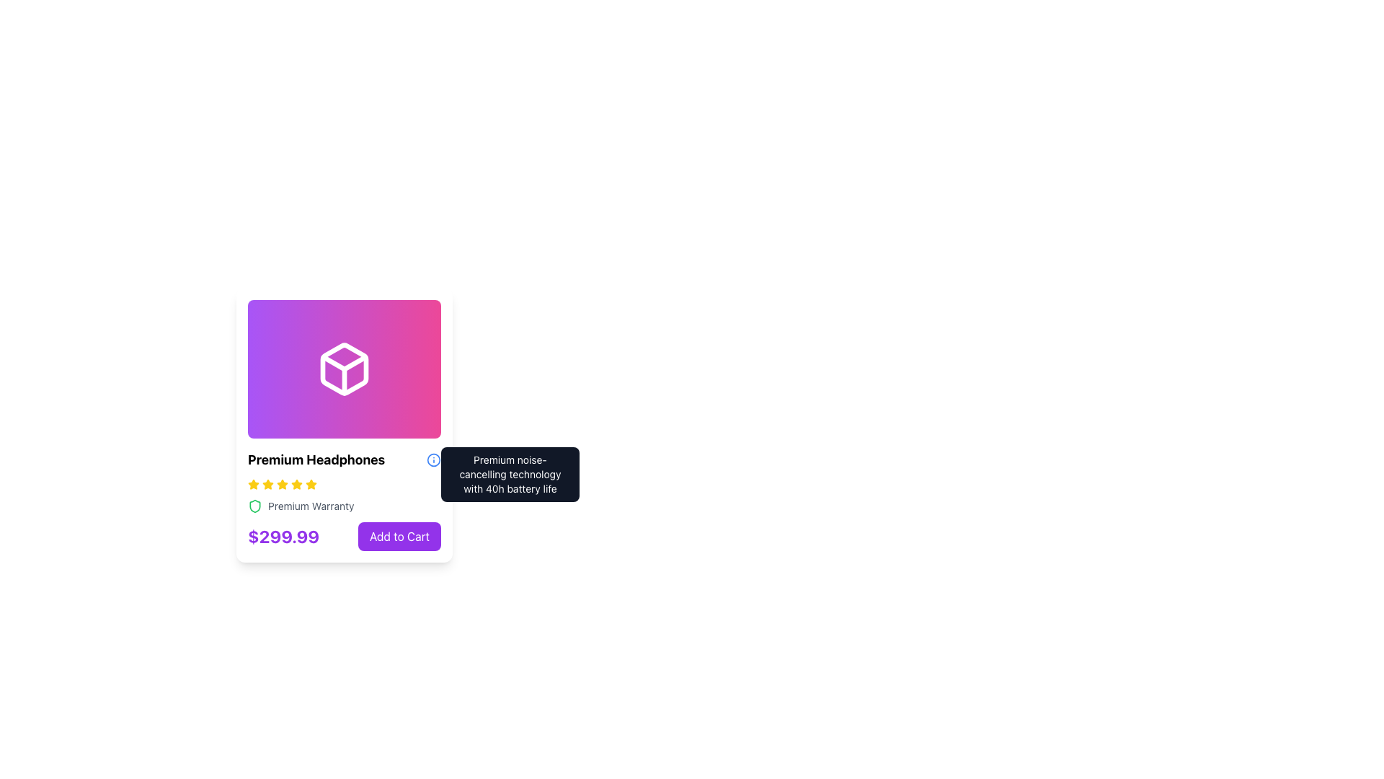 The image size is (1384, 779). What do you see at coordinates (344, 367) in the screenshot?
I see `the geometric cube icon outlined with white lines, which is located in the center of a pink and purple gradient square background, positioned at the top of the card labeled 'Premium Headphones'` at bounding box center [344, 367].